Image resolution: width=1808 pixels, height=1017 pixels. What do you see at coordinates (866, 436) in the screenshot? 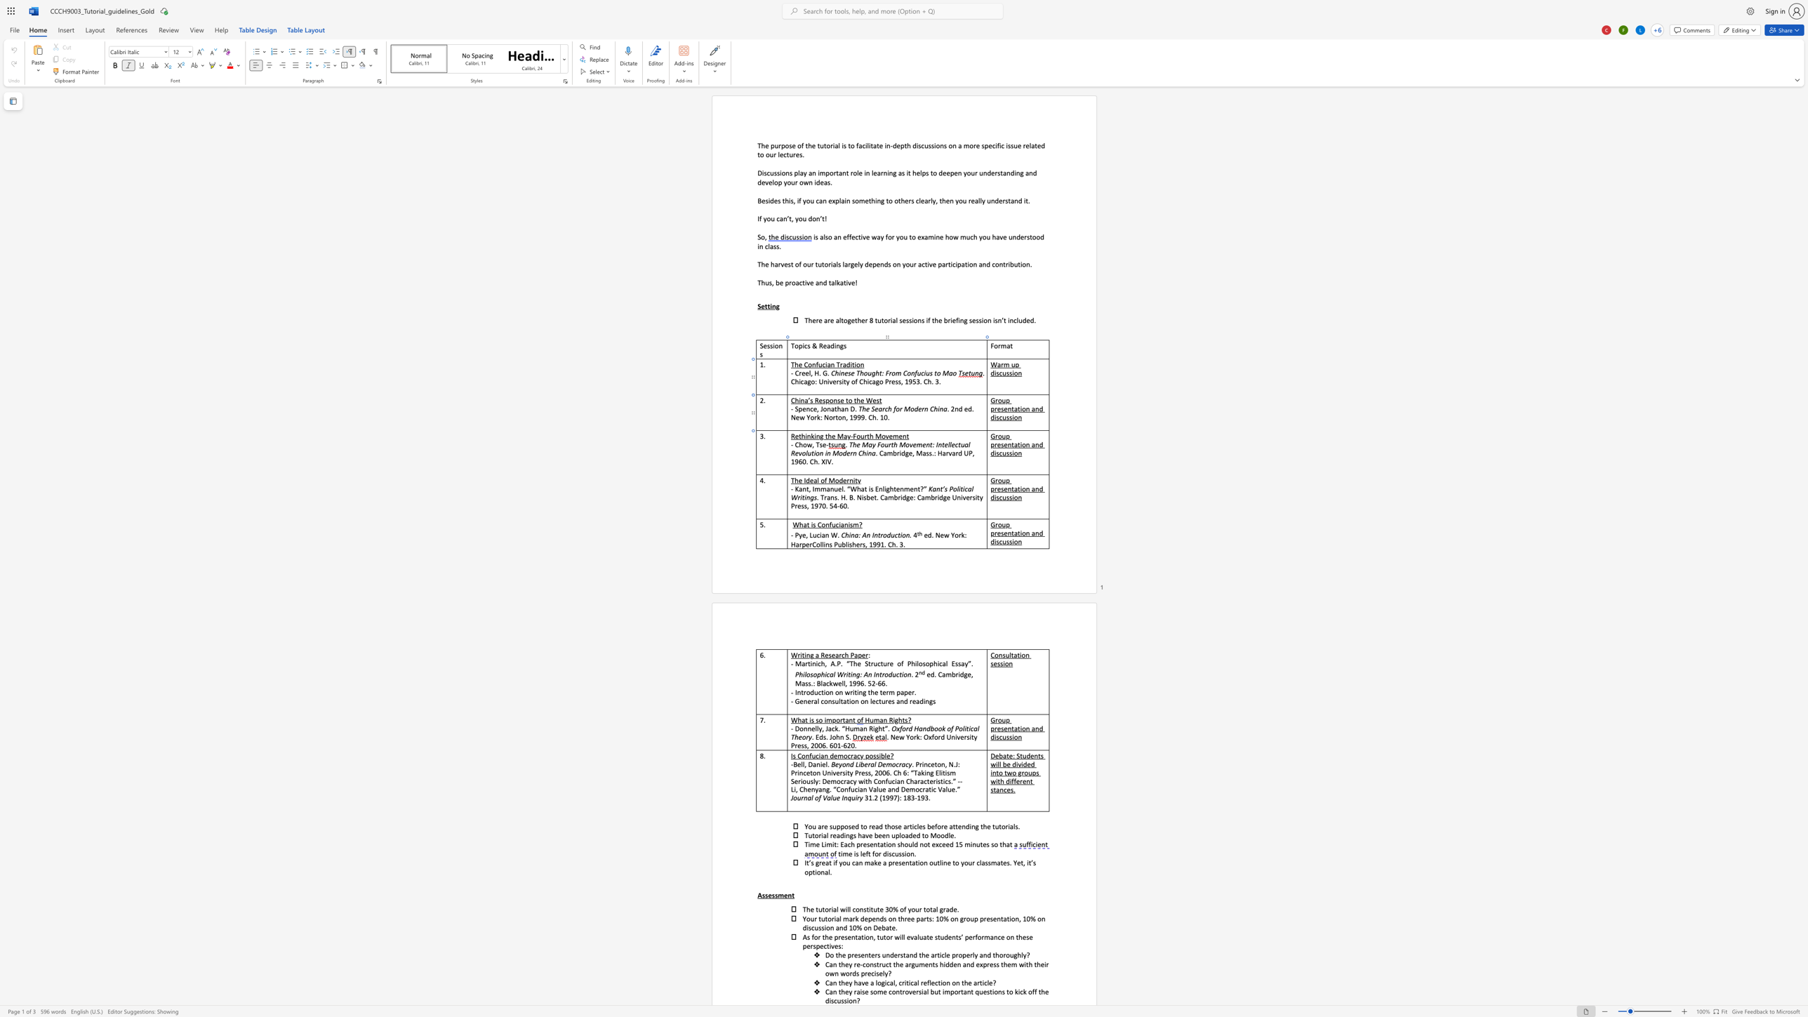
I see `the space between the continuous character "r" and "t" in the text` at bounding box center [866, 436].